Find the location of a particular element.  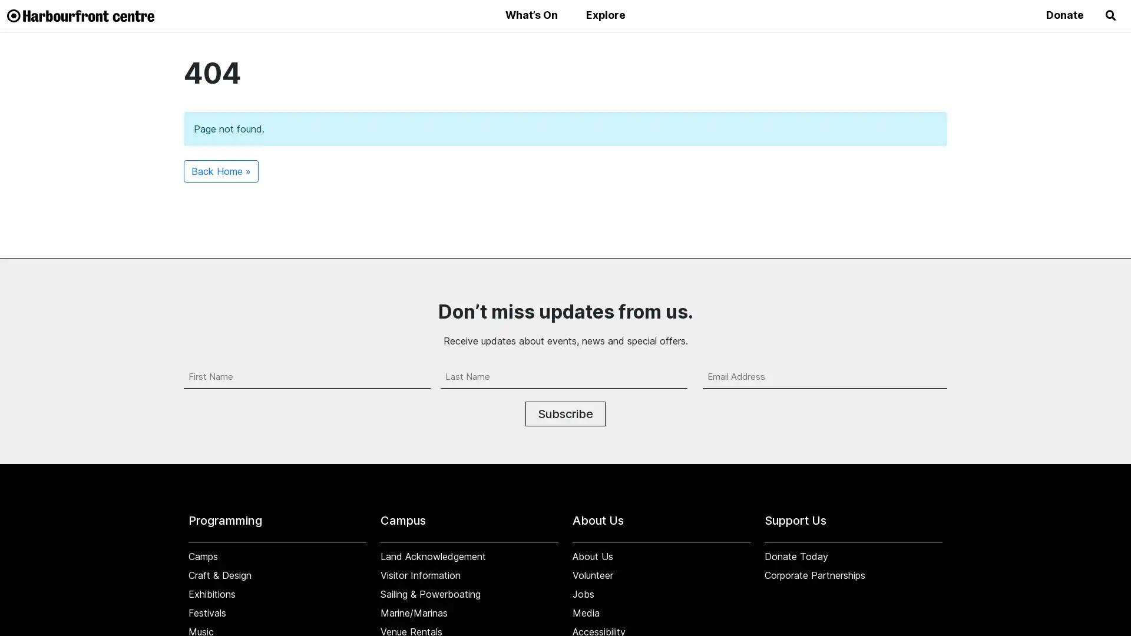

Open Search is located at coordinates (1110, 16).